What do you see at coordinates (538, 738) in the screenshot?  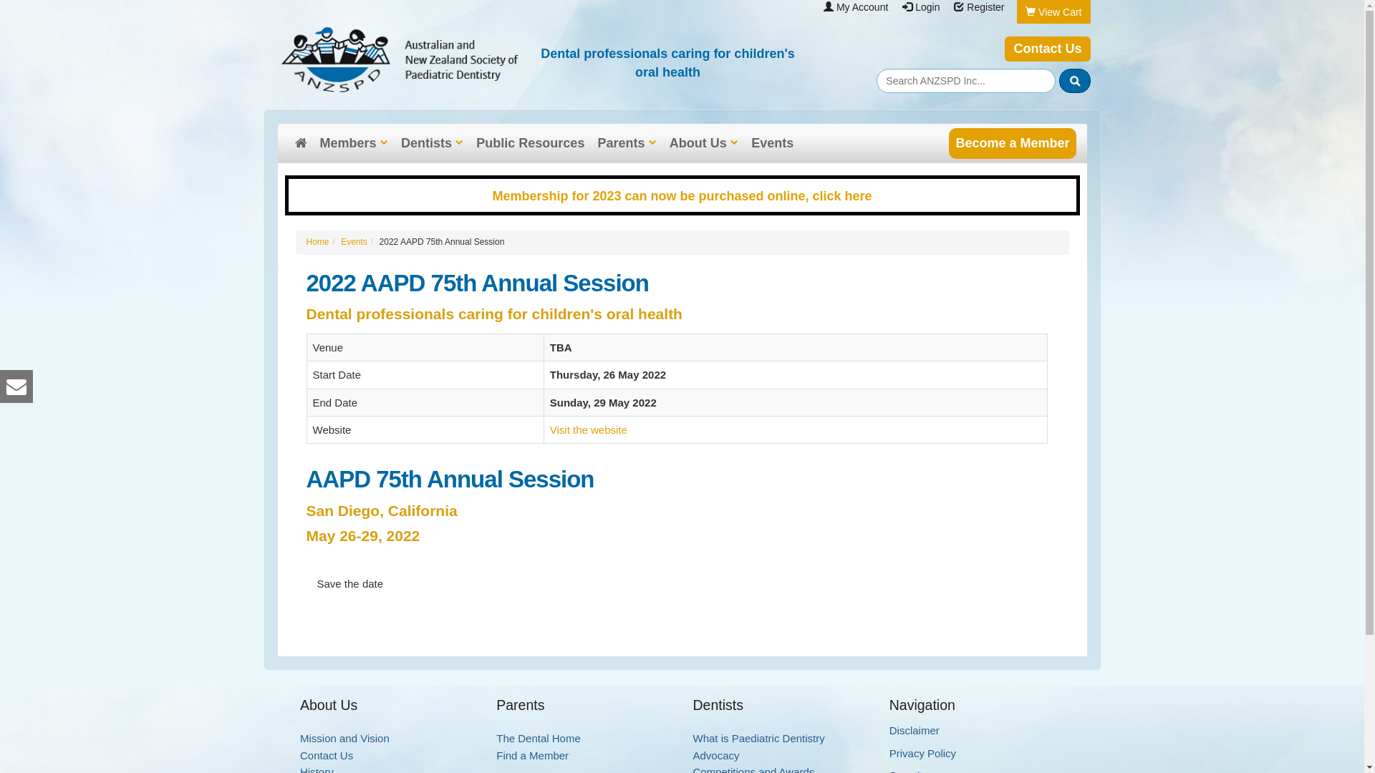 I see `'The Dental Home'` at bounding box center [538, 738].